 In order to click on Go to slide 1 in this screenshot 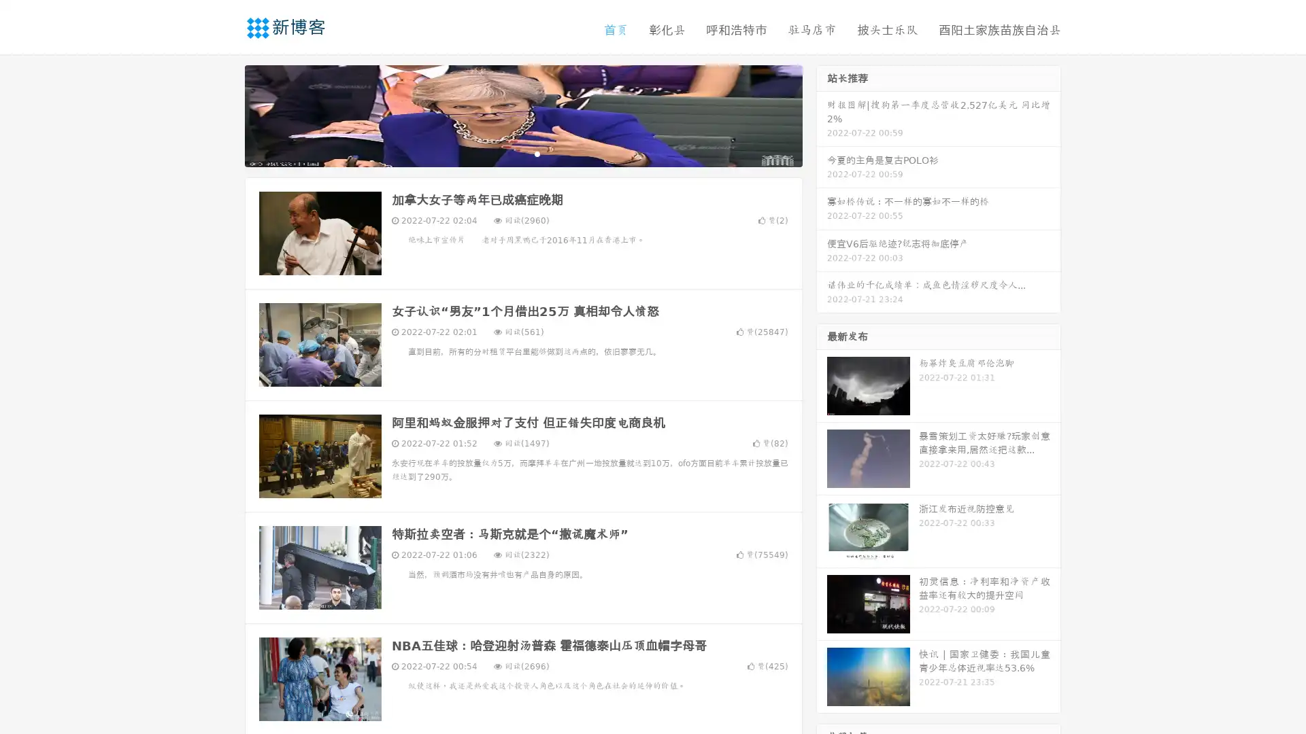, I will do `click(509, 153)`.